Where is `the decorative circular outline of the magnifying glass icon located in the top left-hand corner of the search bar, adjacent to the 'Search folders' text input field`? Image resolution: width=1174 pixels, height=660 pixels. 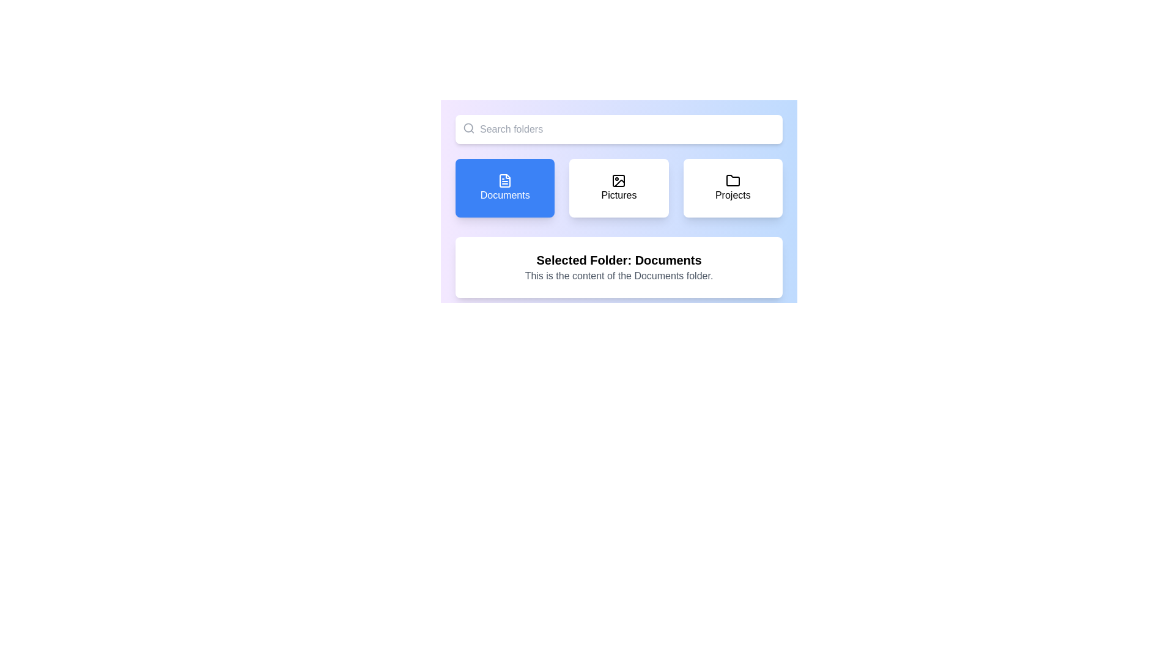 the decorative circular outline of the magnifying glass icon located in the top left-hand corner of the search bar, adjacent to the 'Search folders' text input field is located at coordinates (468, 128).